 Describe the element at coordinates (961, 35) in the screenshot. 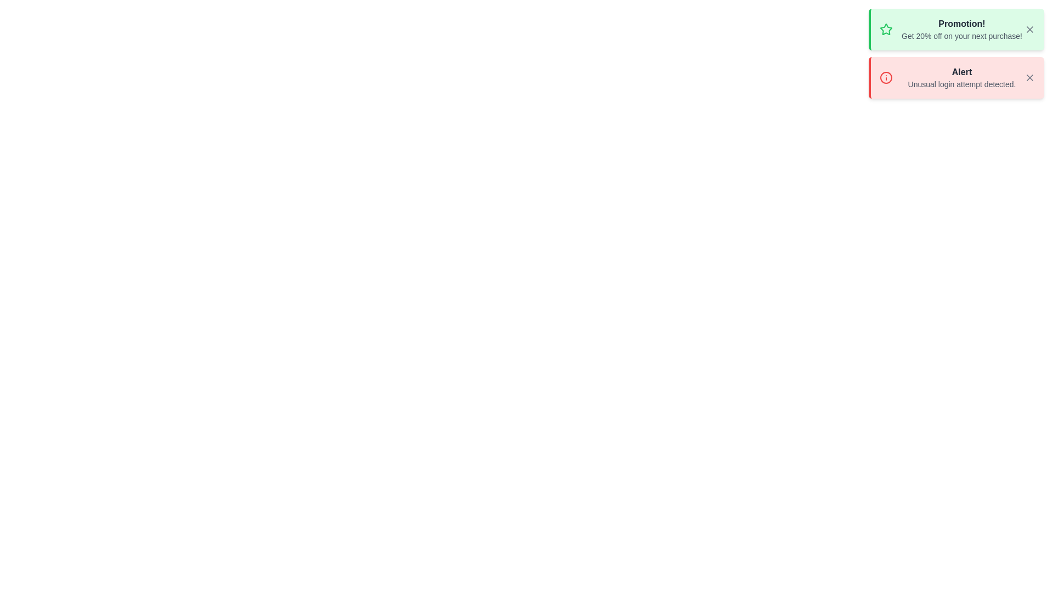

I see `the text label that says 'Get 20% off on your next purchase!' located under the title 'Promotion!' within a green background card` at that location.